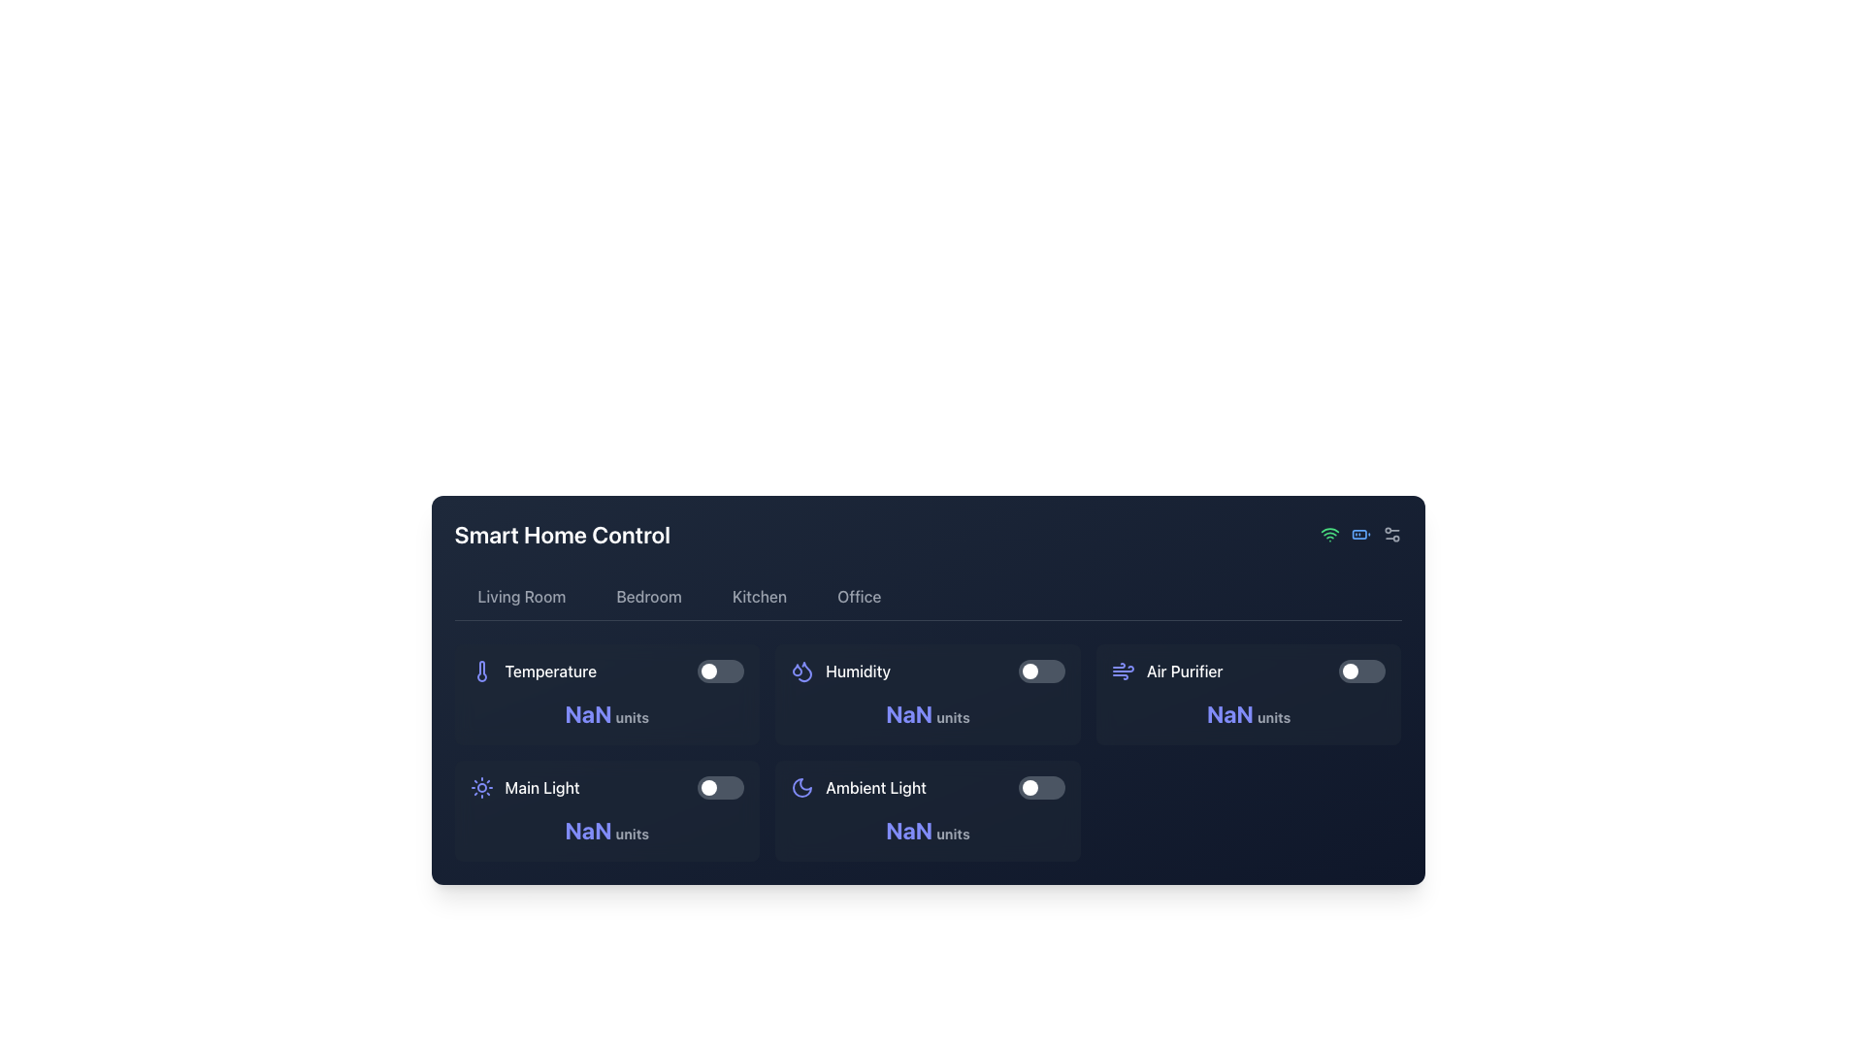  What do you see at coordinates (481, 788) in the screenshot?
I see `the Main Light control icon located at the bottom-left of the control panel, positioned to the left of the 'Main Light' label` at bounding box center [481, 788].